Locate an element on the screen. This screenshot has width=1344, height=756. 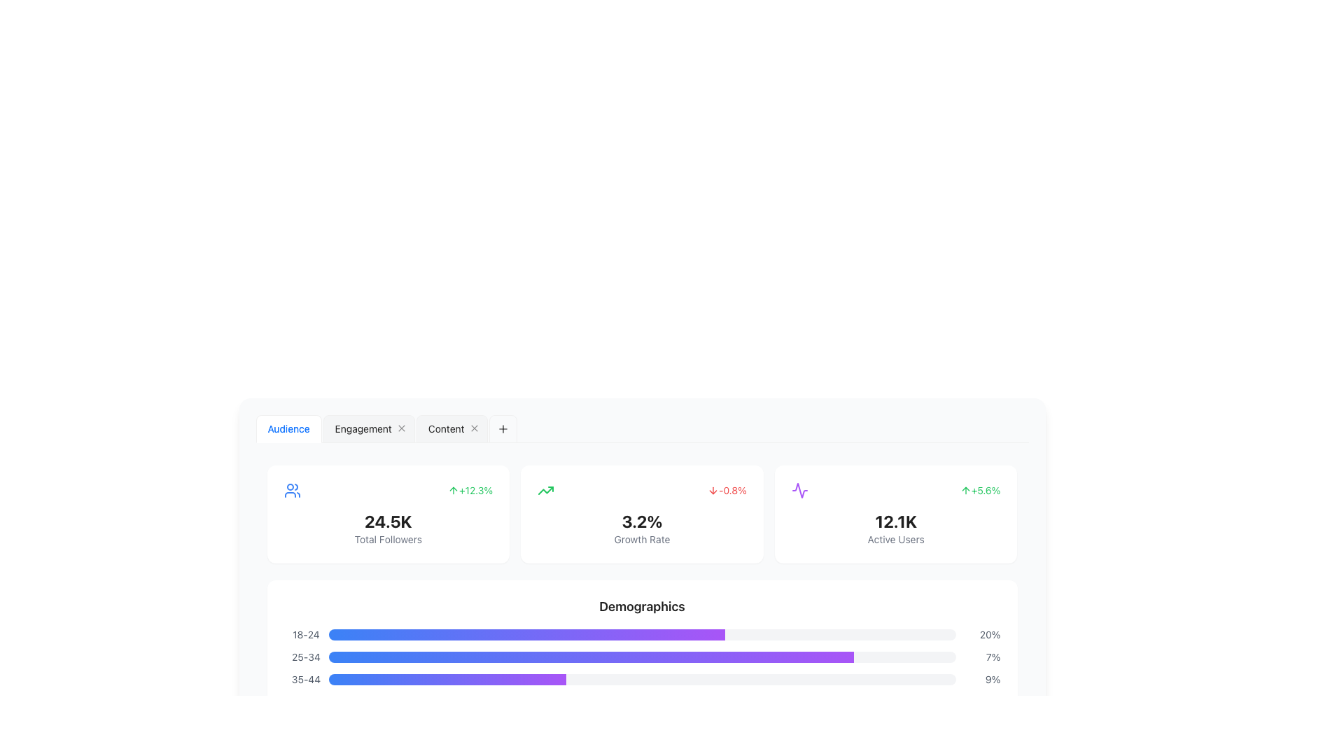
to select the 'Engagement' tab, which is the second tab in the horizontal group located at the top-left corner of the content panel is located at coordinates (363, 428).